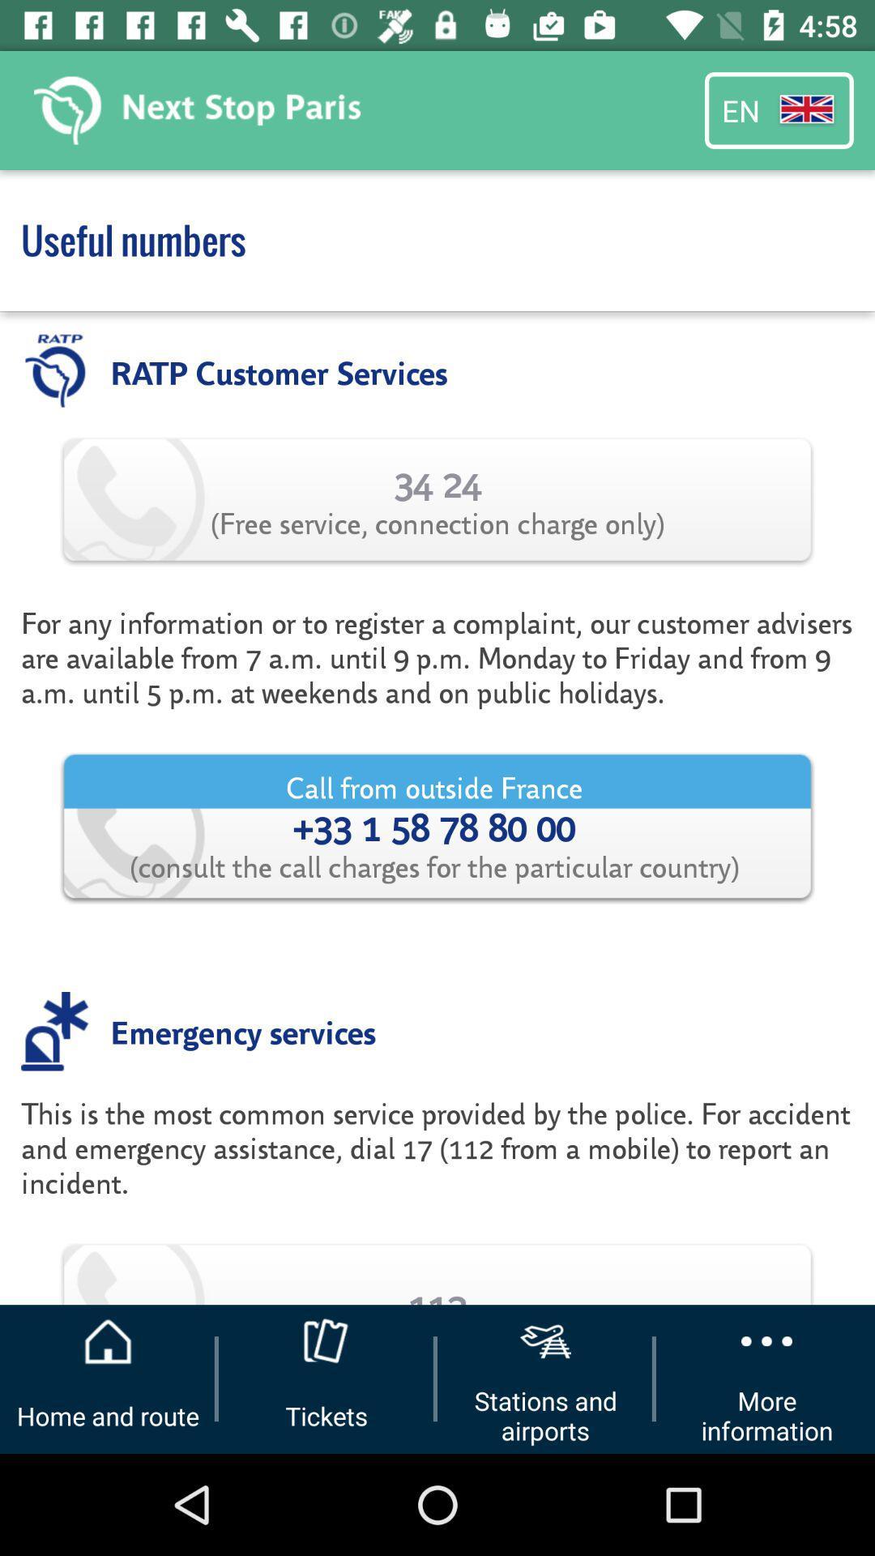 The height and width of the screenshot is (1556, 875). I want to click on the app above the 112 icon, so click(437, 1165).